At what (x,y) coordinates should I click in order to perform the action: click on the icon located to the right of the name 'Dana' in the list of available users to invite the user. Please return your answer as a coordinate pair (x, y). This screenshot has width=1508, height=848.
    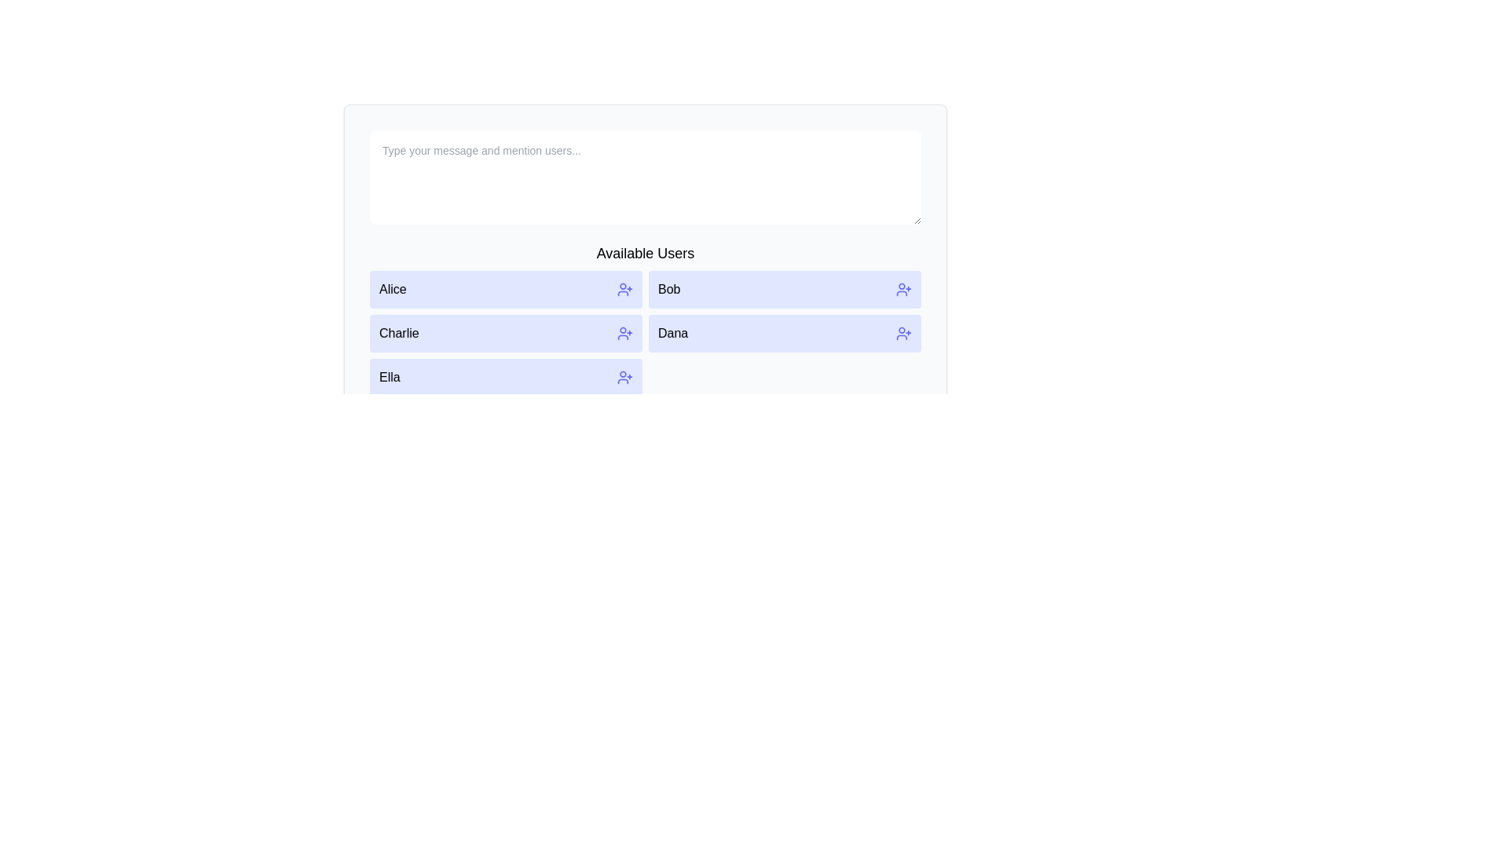
    Looking at the image, I should click on (904, 332).